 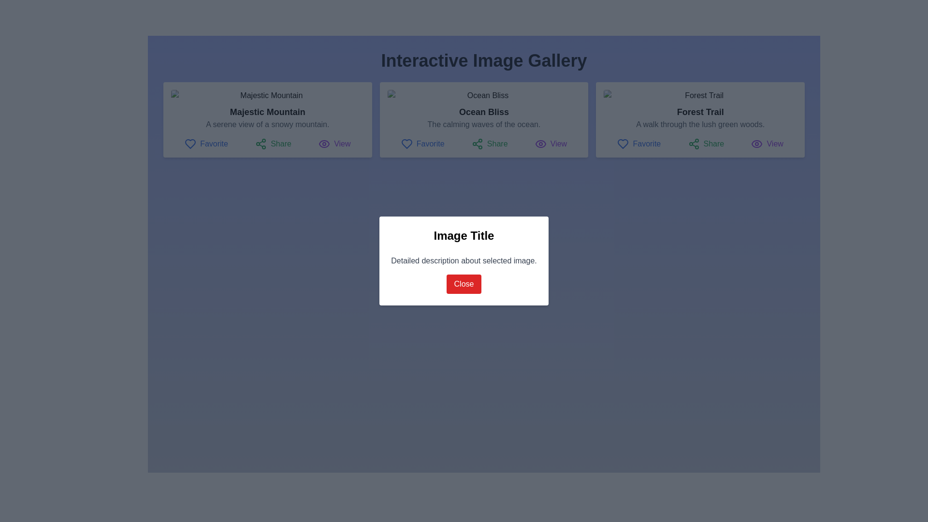 I want to click on the 'View' button, which consists of a small 'eye' icon followed by the text 'View' in purple color, located under the 'Majestic Mountain' card, so click(x=334, y=144).